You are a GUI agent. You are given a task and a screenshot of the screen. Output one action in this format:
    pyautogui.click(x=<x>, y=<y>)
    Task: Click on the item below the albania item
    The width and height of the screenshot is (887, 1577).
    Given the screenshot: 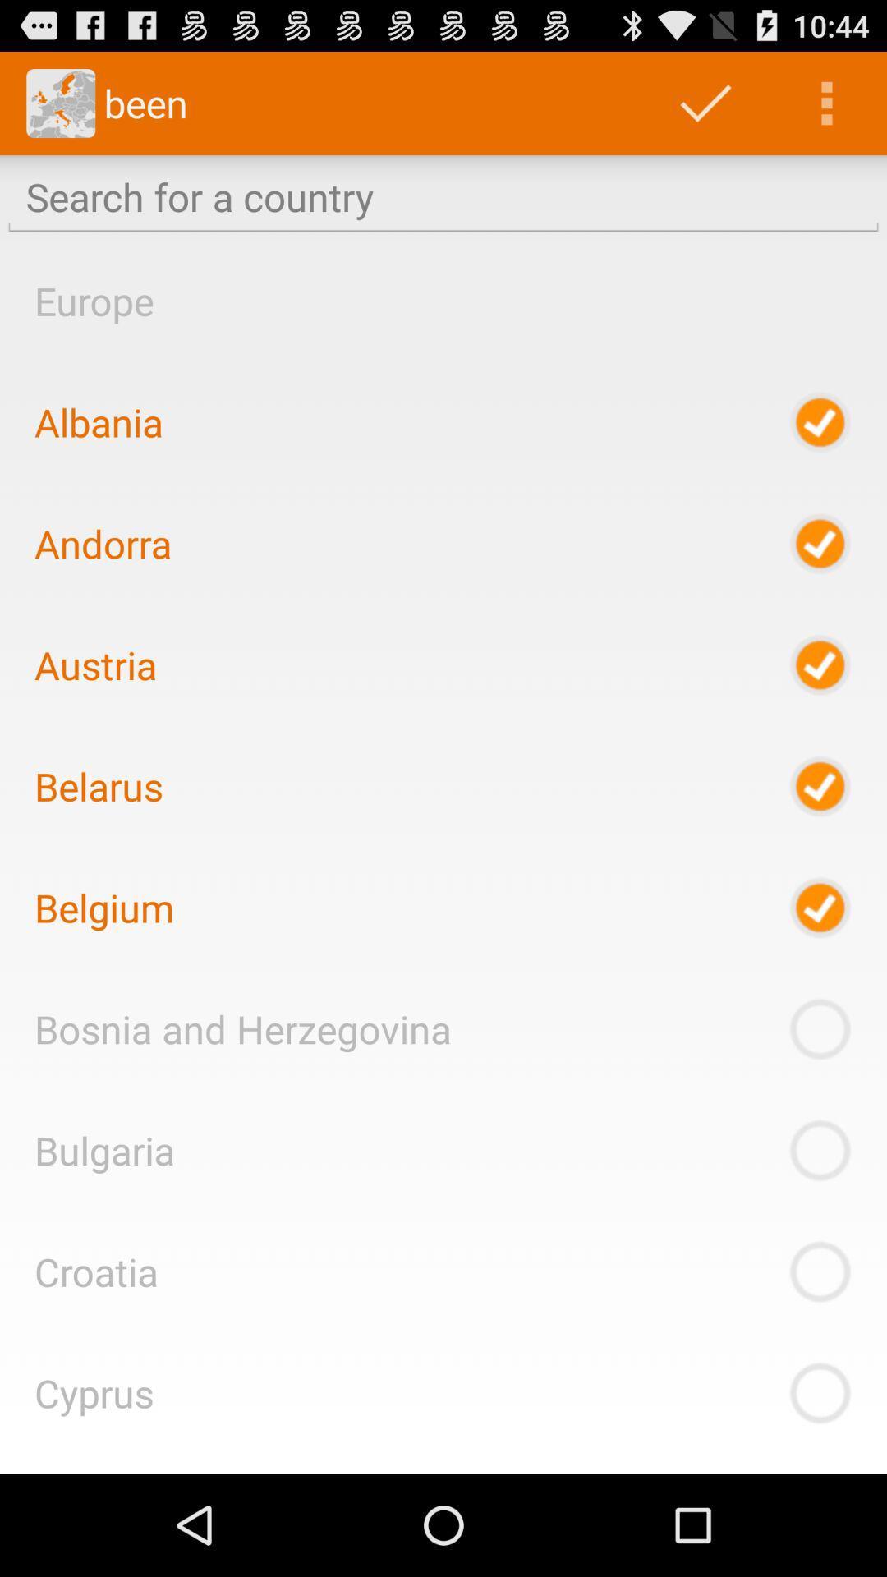 What is the action you would take?
    pyautogui.click(x=103, y=543)
    